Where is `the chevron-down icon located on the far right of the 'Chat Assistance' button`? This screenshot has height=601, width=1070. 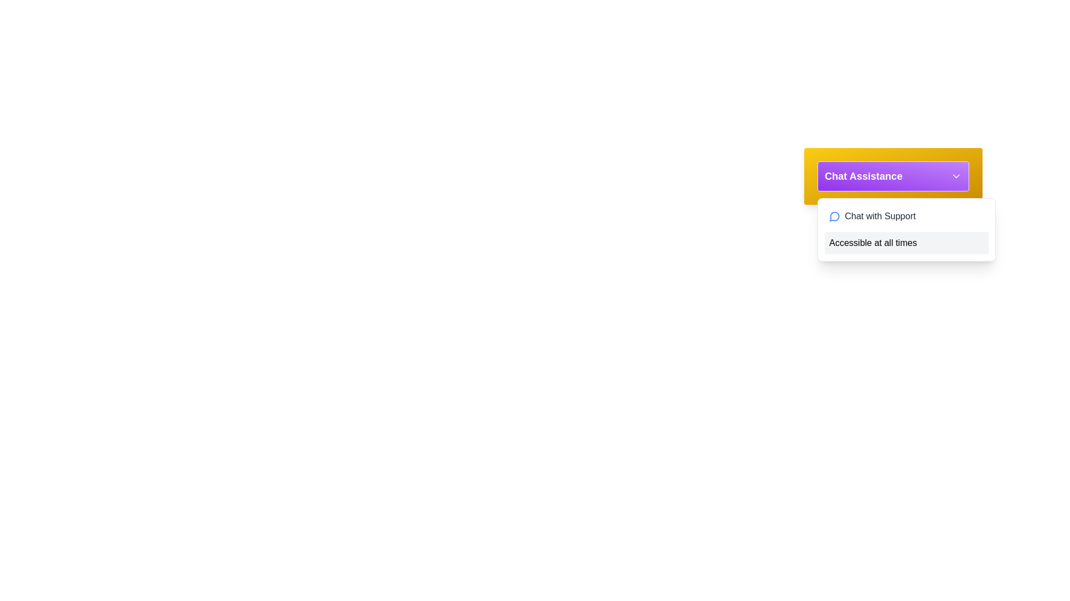 the chevron-down icon located on the far right of the 'Chat Assistance' button is located at coordinates (956, 175).